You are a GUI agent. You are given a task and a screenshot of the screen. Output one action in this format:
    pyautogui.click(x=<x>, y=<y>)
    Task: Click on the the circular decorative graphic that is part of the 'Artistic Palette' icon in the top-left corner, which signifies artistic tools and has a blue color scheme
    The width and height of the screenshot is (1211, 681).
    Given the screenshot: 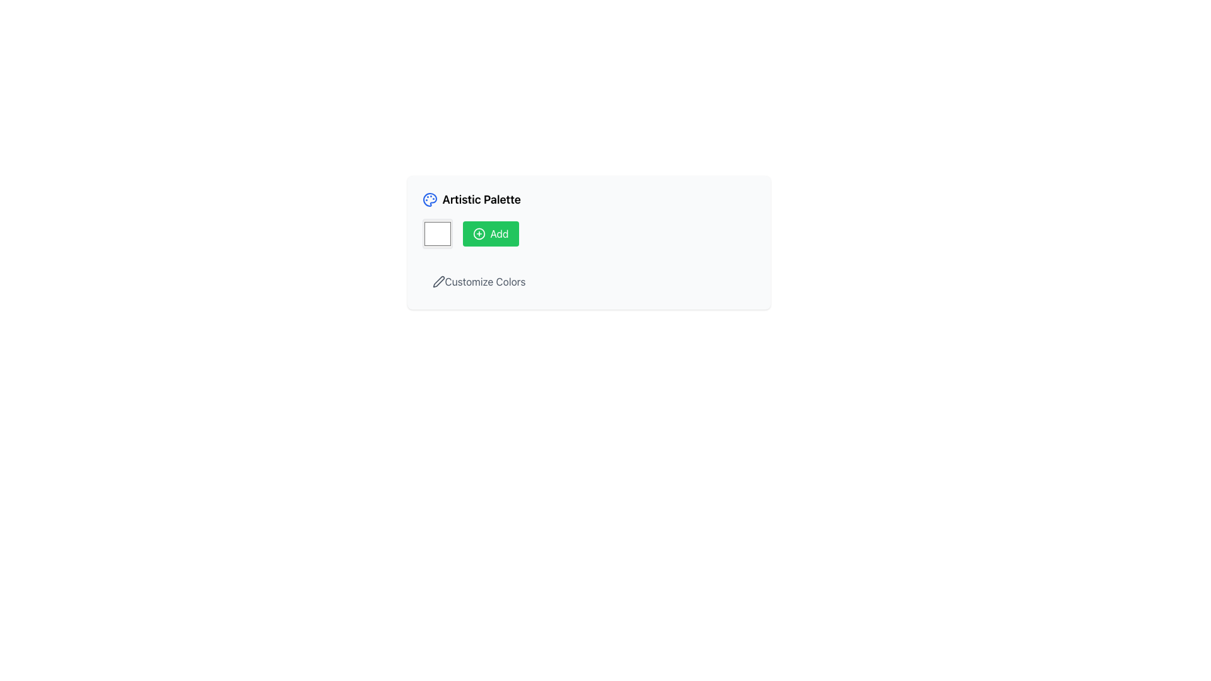 What is the action you would take?
    pyautogui.click(x=430, y=199)
    